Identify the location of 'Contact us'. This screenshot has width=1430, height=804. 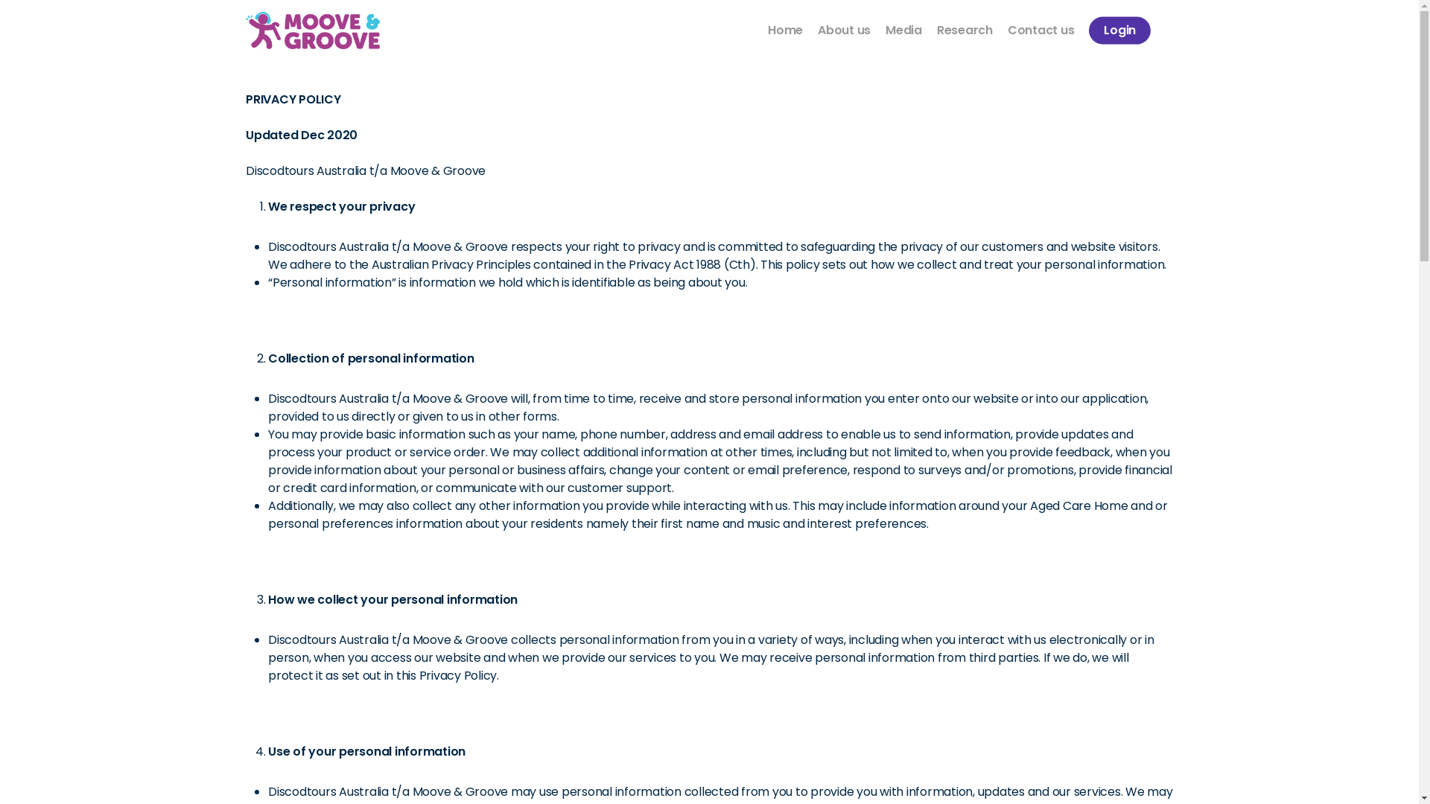
(1040, 31).